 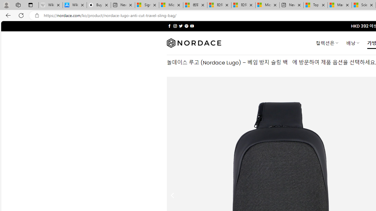 What do you see at coordinates (147, 5) in the screenshot?
I see `'Sign in to your Microsoft account'` at bounding box center [147, 5].